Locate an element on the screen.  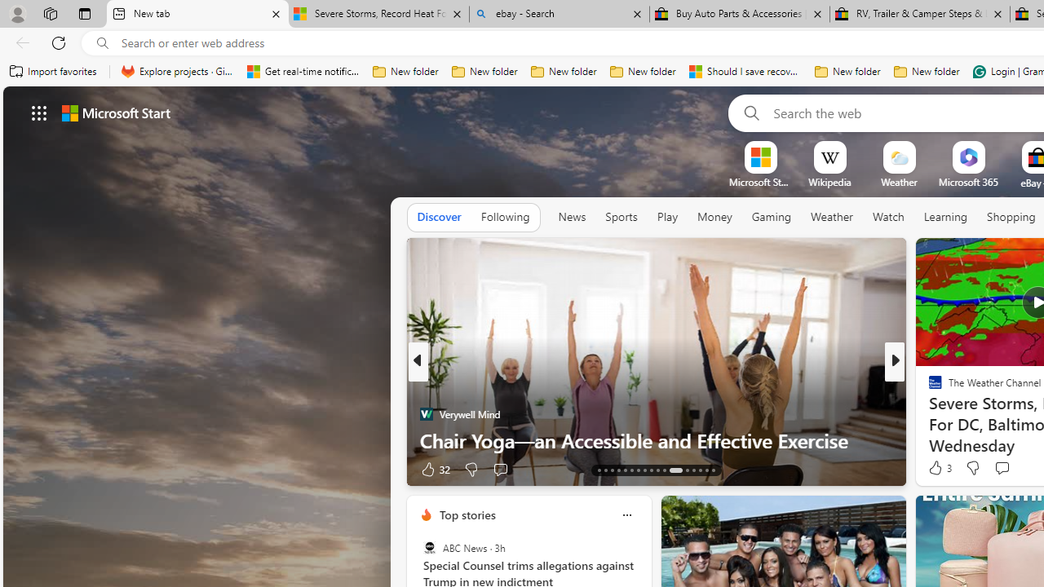
'Verywell Mind' is located at coordinates (426, 413).